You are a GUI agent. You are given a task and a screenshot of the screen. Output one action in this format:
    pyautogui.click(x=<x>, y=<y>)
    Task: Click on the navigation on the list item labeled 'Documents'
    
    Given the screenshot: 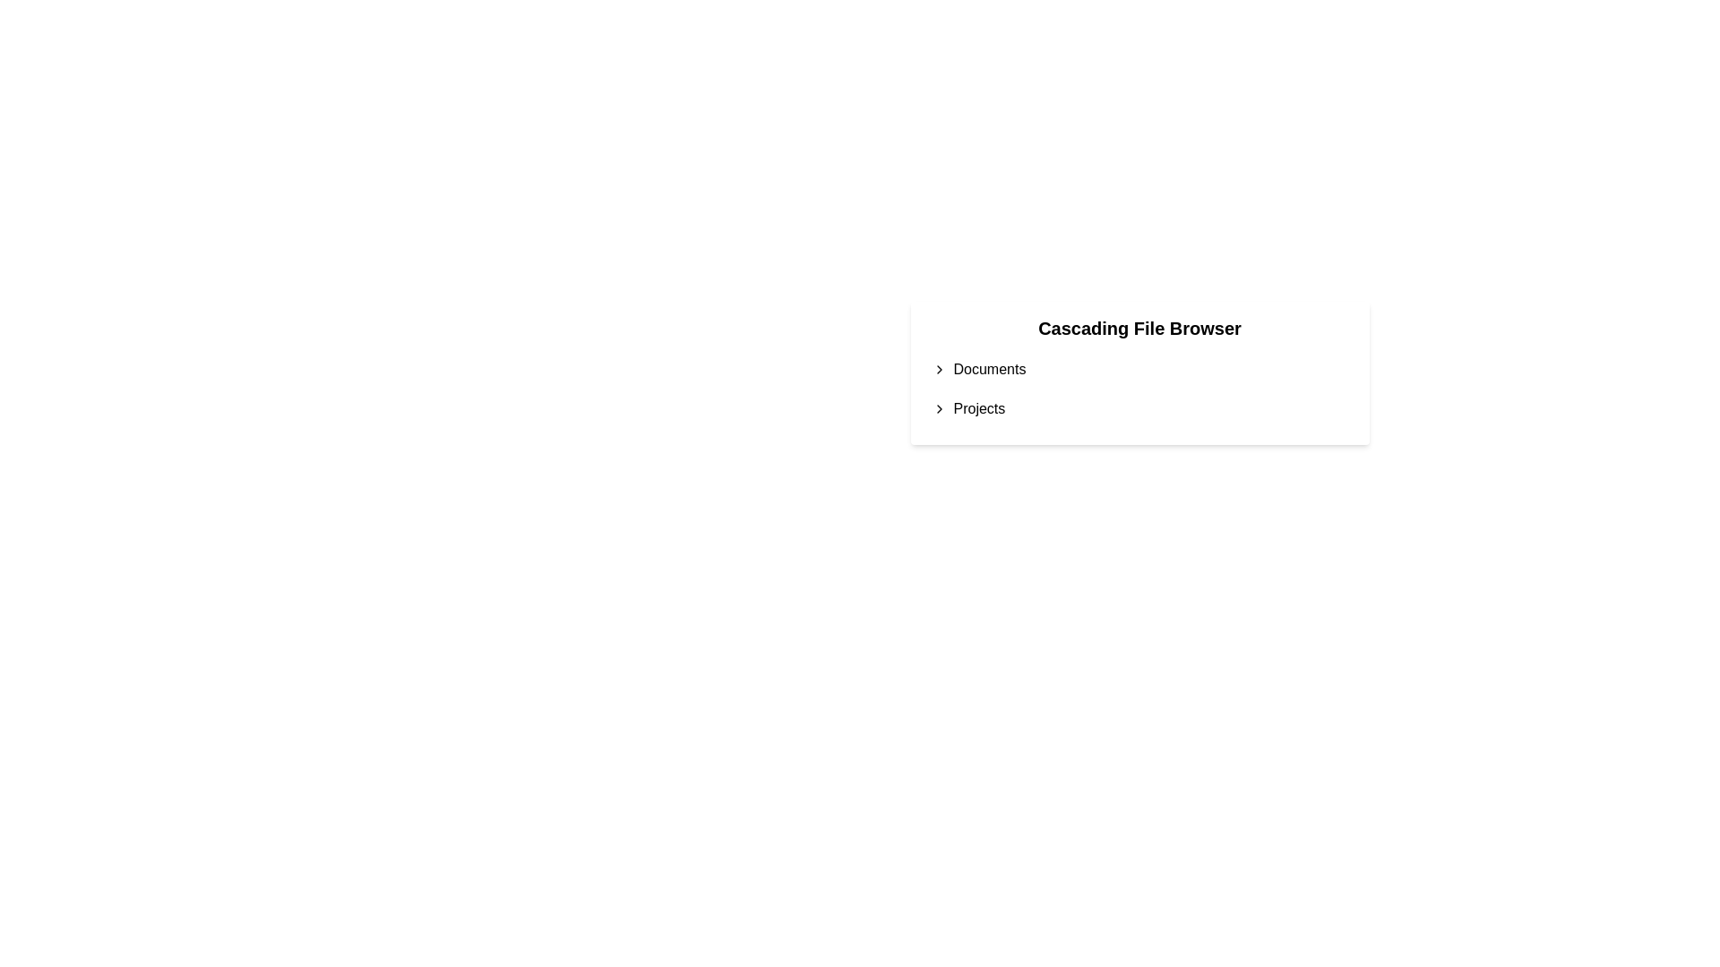 What is the action you would take?
    pyautogui.click(x=1139, y=368)
    